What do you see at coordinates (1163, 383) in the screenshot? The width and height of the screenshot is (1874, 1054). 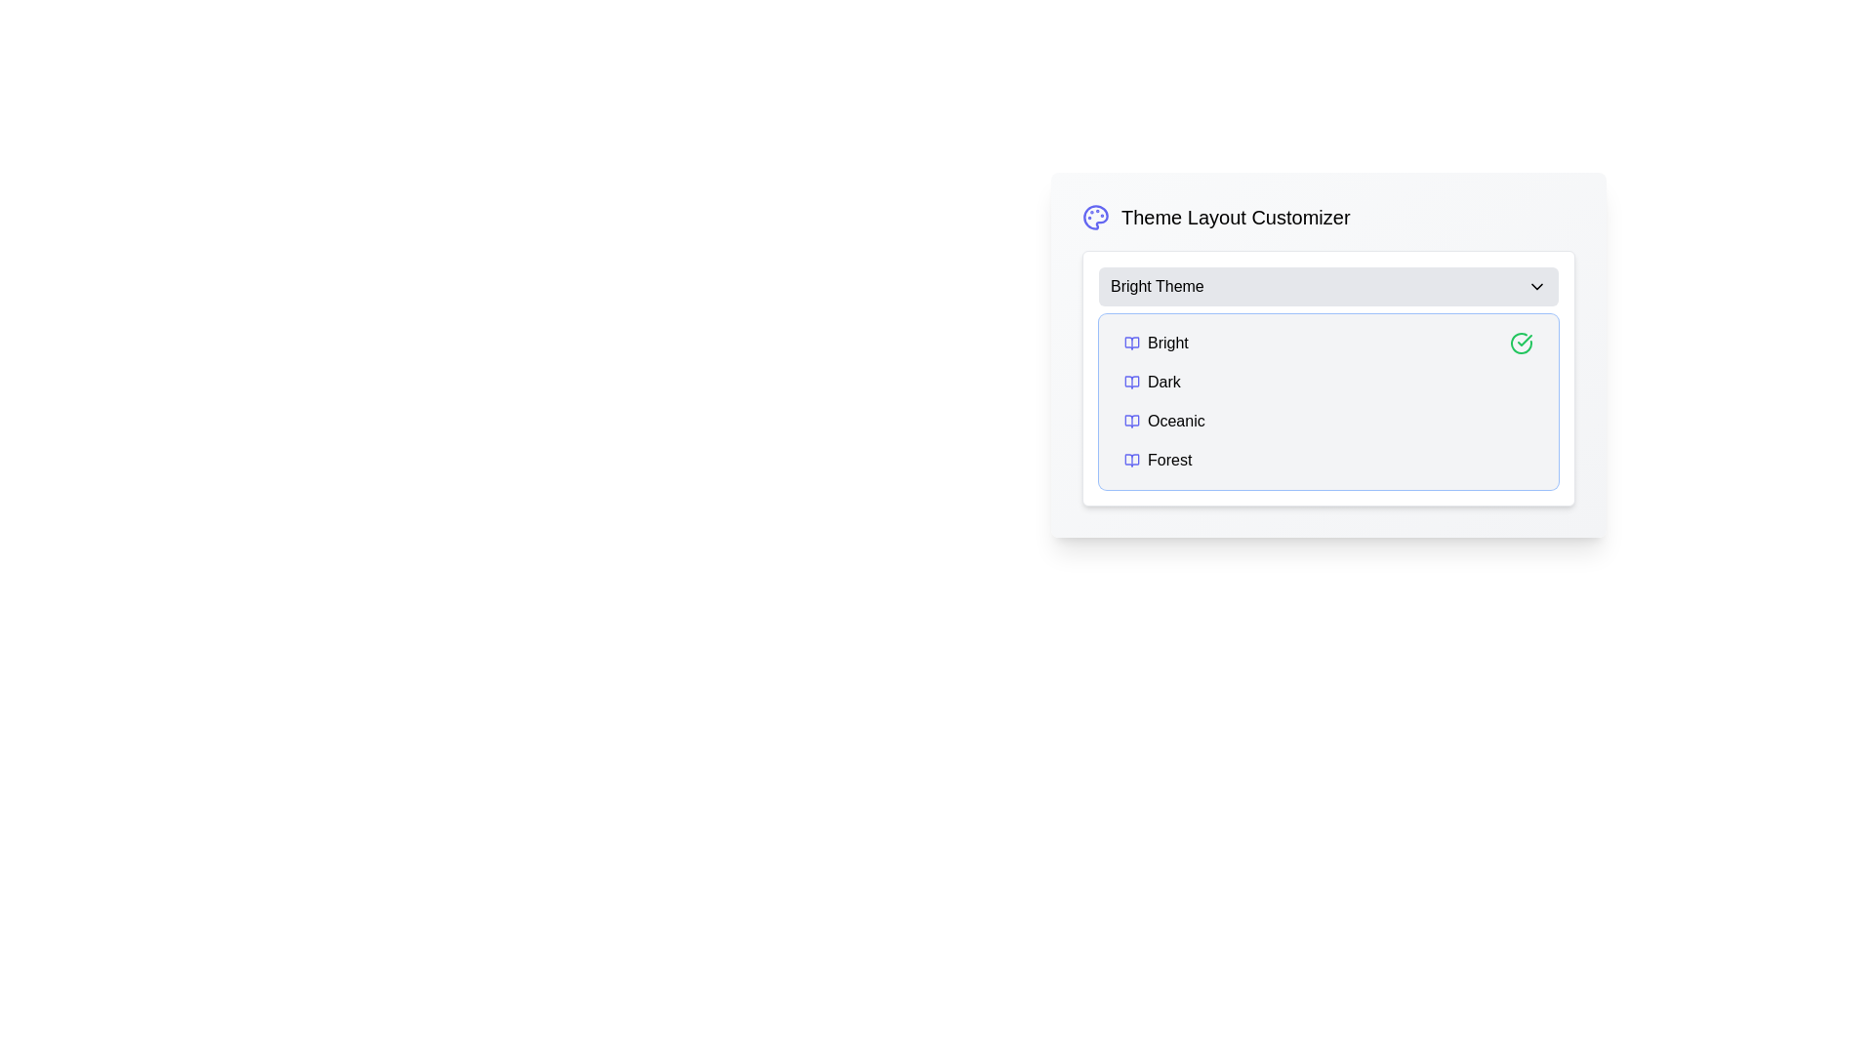 I see `the 'Dark' theme option in the Theme Layout Customizer dropdown menu` at bounding box center [1163, 383].